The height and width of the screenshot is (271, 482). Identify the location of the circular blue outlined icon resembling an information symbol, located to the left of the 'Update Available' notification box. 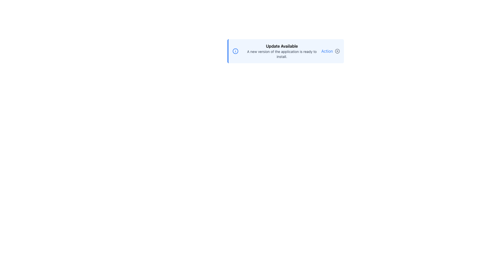
(235, 51).